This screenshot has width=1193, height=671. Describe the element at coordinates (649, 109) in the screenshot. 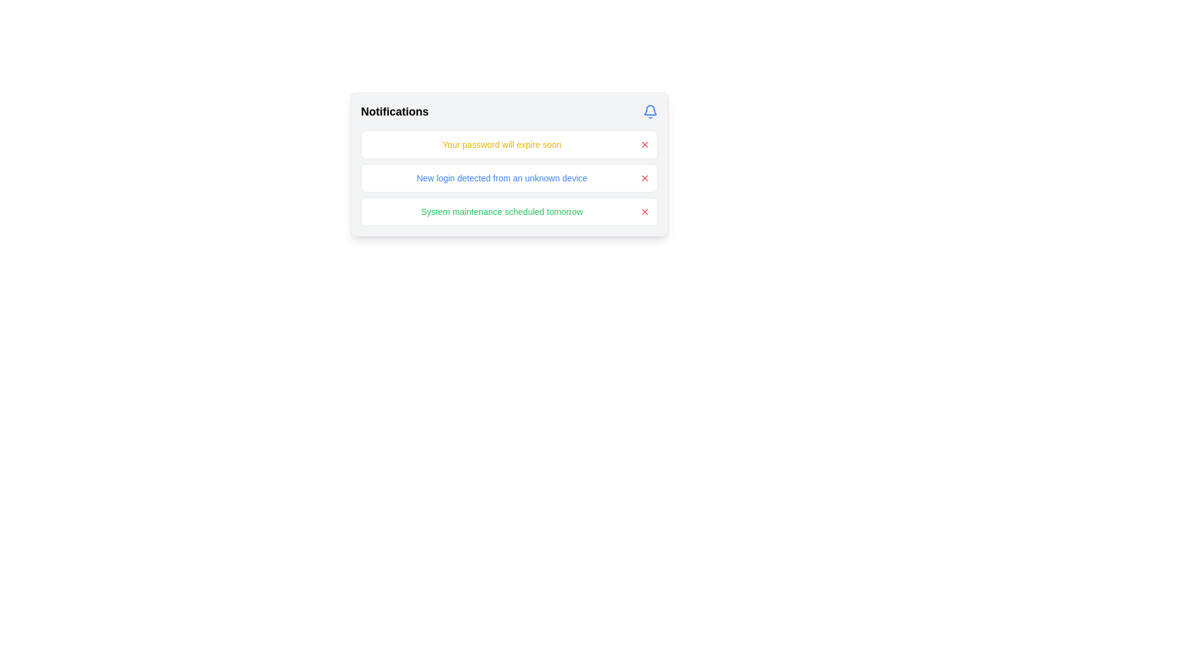

I see `the bell icon in the top-right corner of the notification panel to fetch new notifications` at that location.